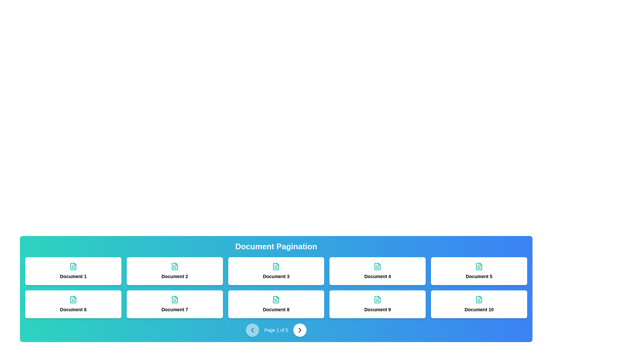  I want to click on the chevron icon located in the pagination controls at the bottom-center of the interface, so click(300, 330).